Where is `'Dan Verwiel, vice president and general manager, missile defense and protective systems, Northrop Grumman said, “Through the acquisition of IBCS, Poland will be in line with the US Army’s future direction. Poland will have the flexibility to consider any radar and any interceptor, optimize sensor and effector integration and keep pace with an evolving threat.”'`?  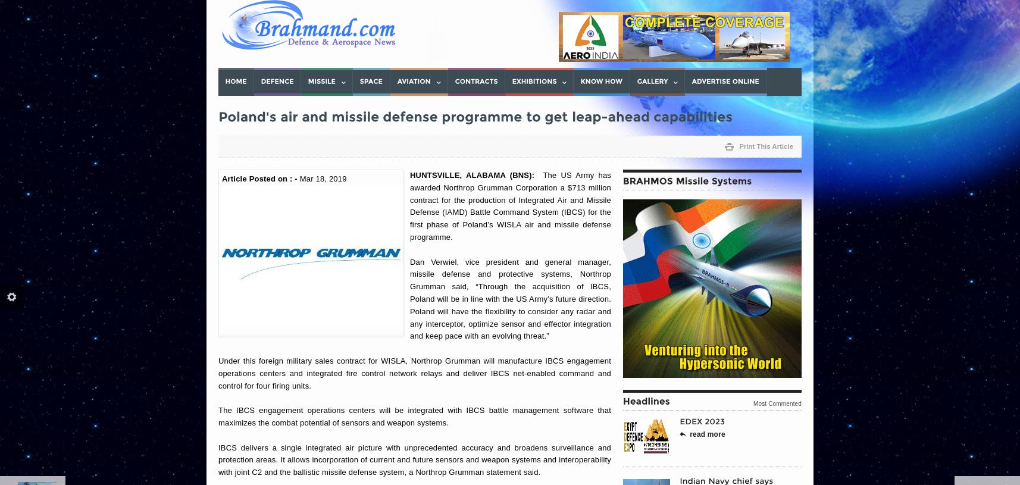
'Dan Verwiel, vice president and general manager, missile defense and protective systems, Northrop Grumman said, “Through the acquisition of IBCS, Poland will be in line with the US Army’s future direction. Poland will have the flexibility to consider any radar and any interceptor, optimize sensor and effector integration and keep pace with an evolving threat.”' is located at coordinates (510, 299).